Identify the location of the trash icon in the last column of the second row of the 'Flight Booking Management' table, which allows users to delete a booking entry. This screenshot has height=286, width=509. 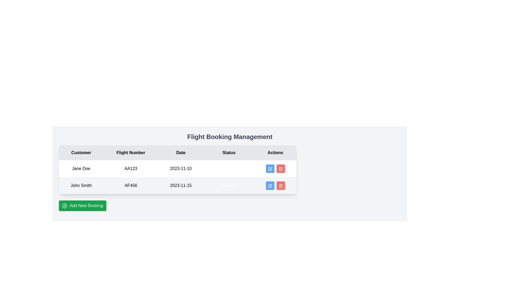
(280, 169).